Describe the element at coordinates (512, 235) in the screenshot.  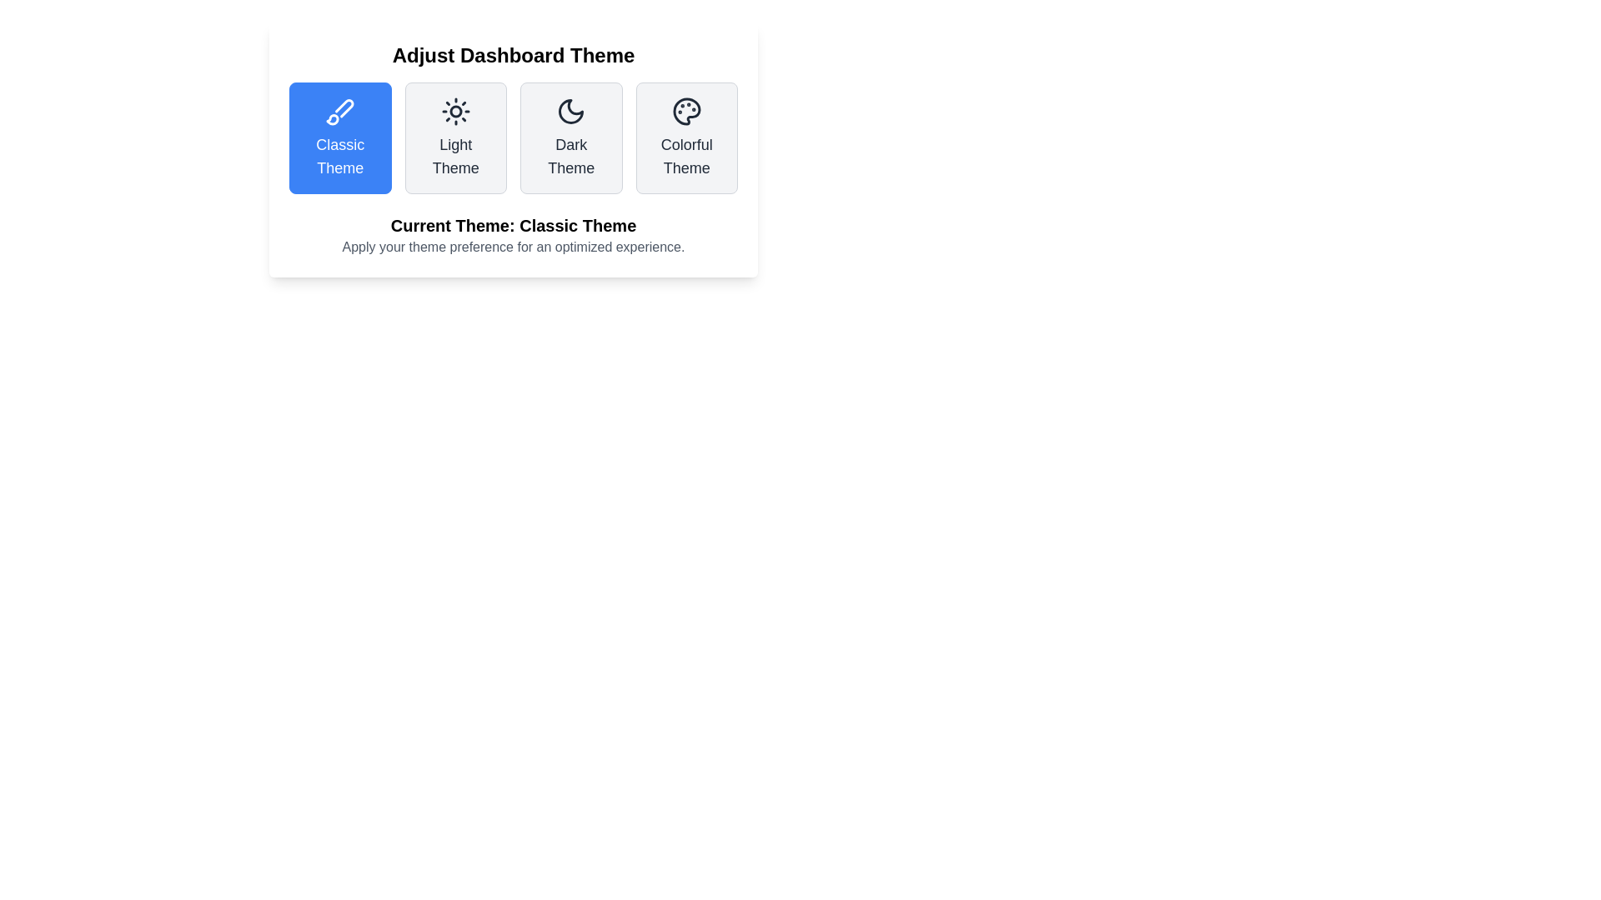
I see `the label displaying the currently selected theme ('Classic Theme') which encourages the user to set their theme preference for an enhanced experience` at that location.